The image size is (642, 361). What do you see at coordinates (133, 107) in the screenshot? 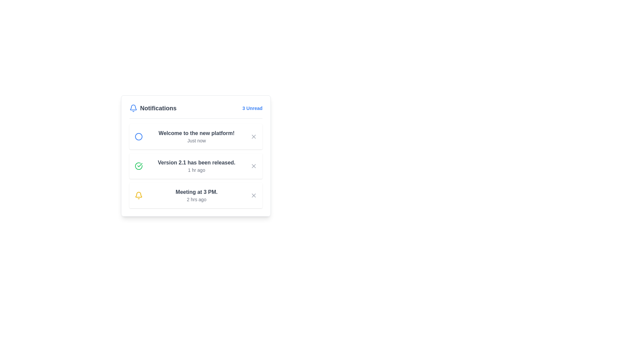
I see `the upper section of the blue bell icon in the notification panel, which is located to the left of the 'Notifications' text` at bounding box center [133, 107].